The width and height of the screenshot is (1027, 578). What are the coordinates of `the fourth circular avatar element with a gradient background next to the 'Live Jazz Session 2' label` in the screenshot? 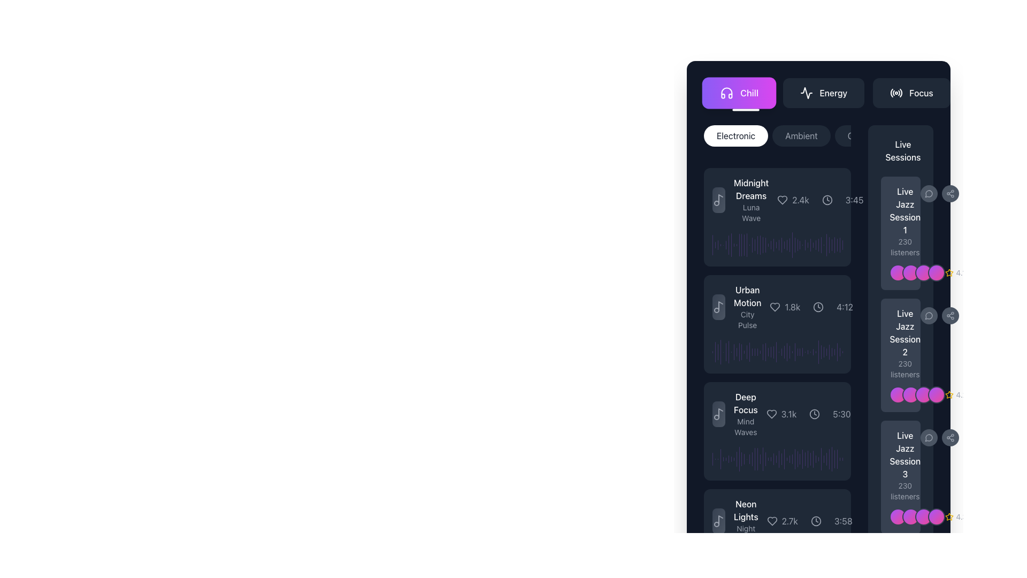 It's located at (936, 394).